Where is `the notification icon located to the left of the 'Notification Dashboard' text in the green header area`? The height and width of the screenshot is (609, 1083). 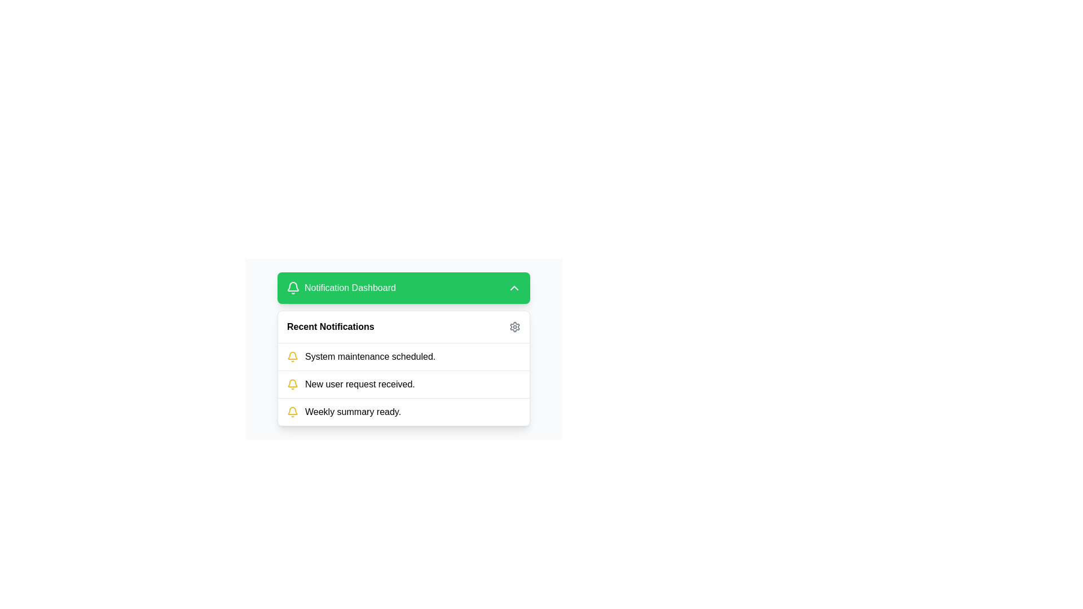
the notification icon located to the left of the 'Notification Dashboard' text in the green header area is located at coordinates (293, 287).